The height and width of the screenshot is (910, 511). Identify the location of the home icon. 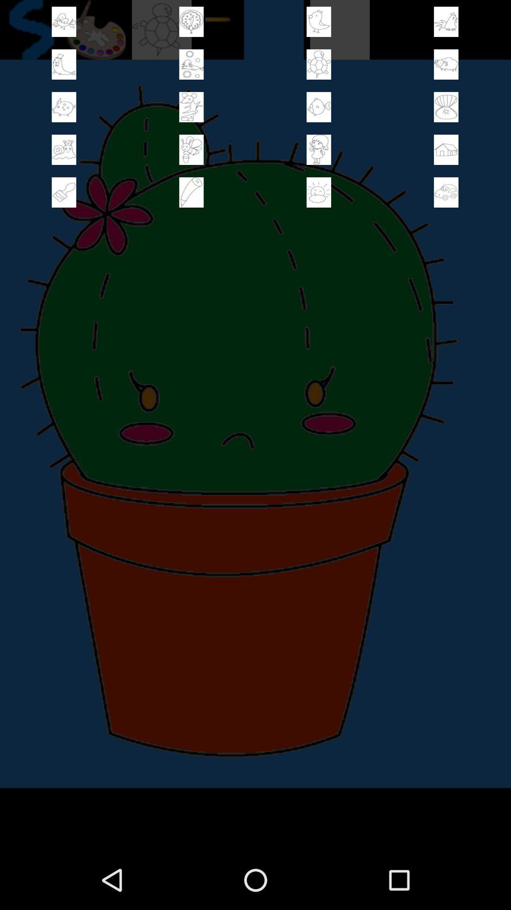
(446, 160).